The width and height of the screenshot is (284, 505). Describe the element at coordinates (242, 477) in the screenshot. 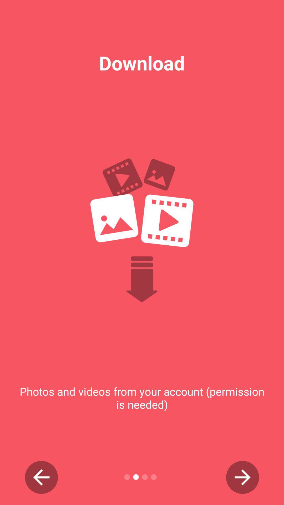

I see `next screen` at that location.